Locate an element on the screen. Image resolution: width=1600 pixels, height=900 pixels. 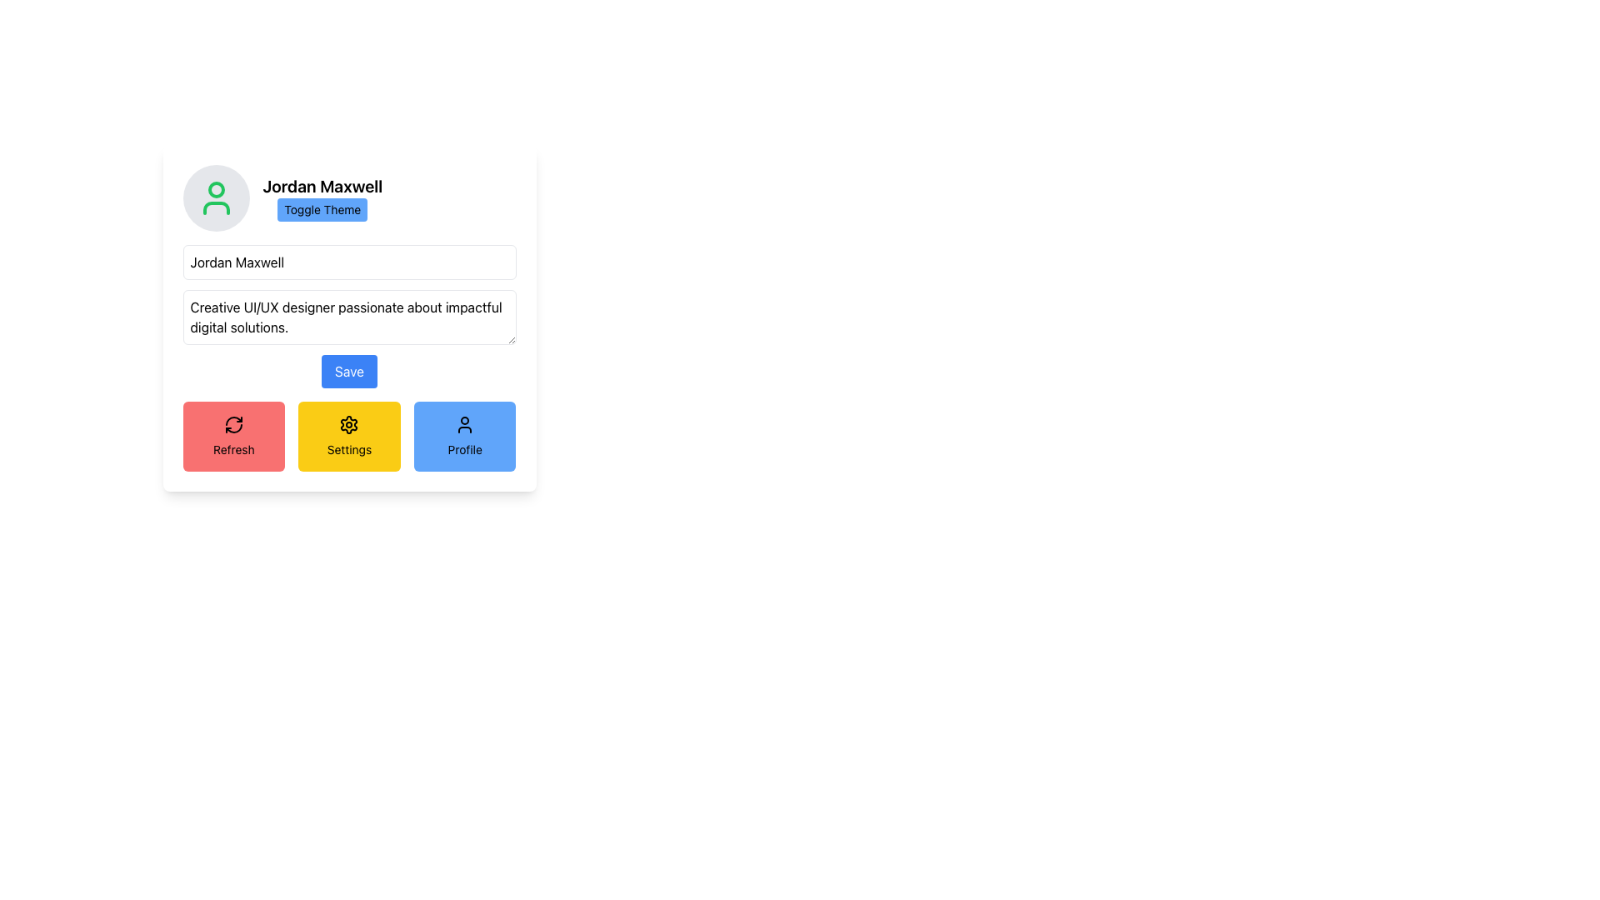
the theme toggle button located beneath the title 'Jordan Maxwell' and to the right of the avatar icon is located at coordinates (348, 197).